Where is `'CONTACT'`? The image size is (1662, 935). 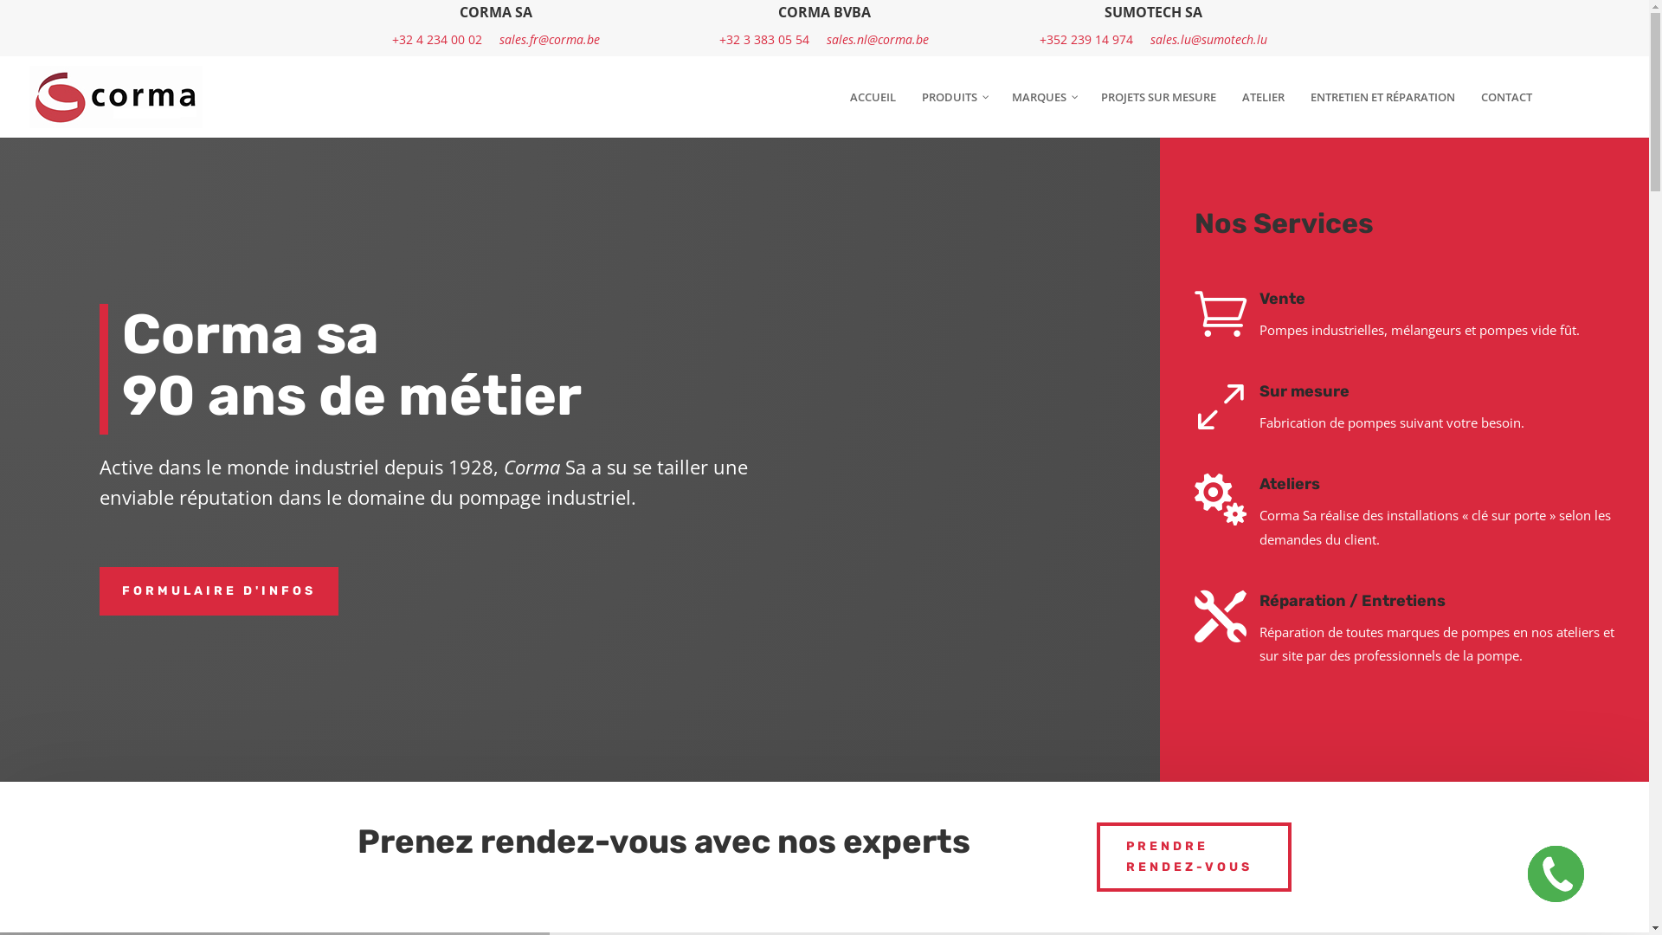 'CONTACT' is located at coordinates (1466, 111).